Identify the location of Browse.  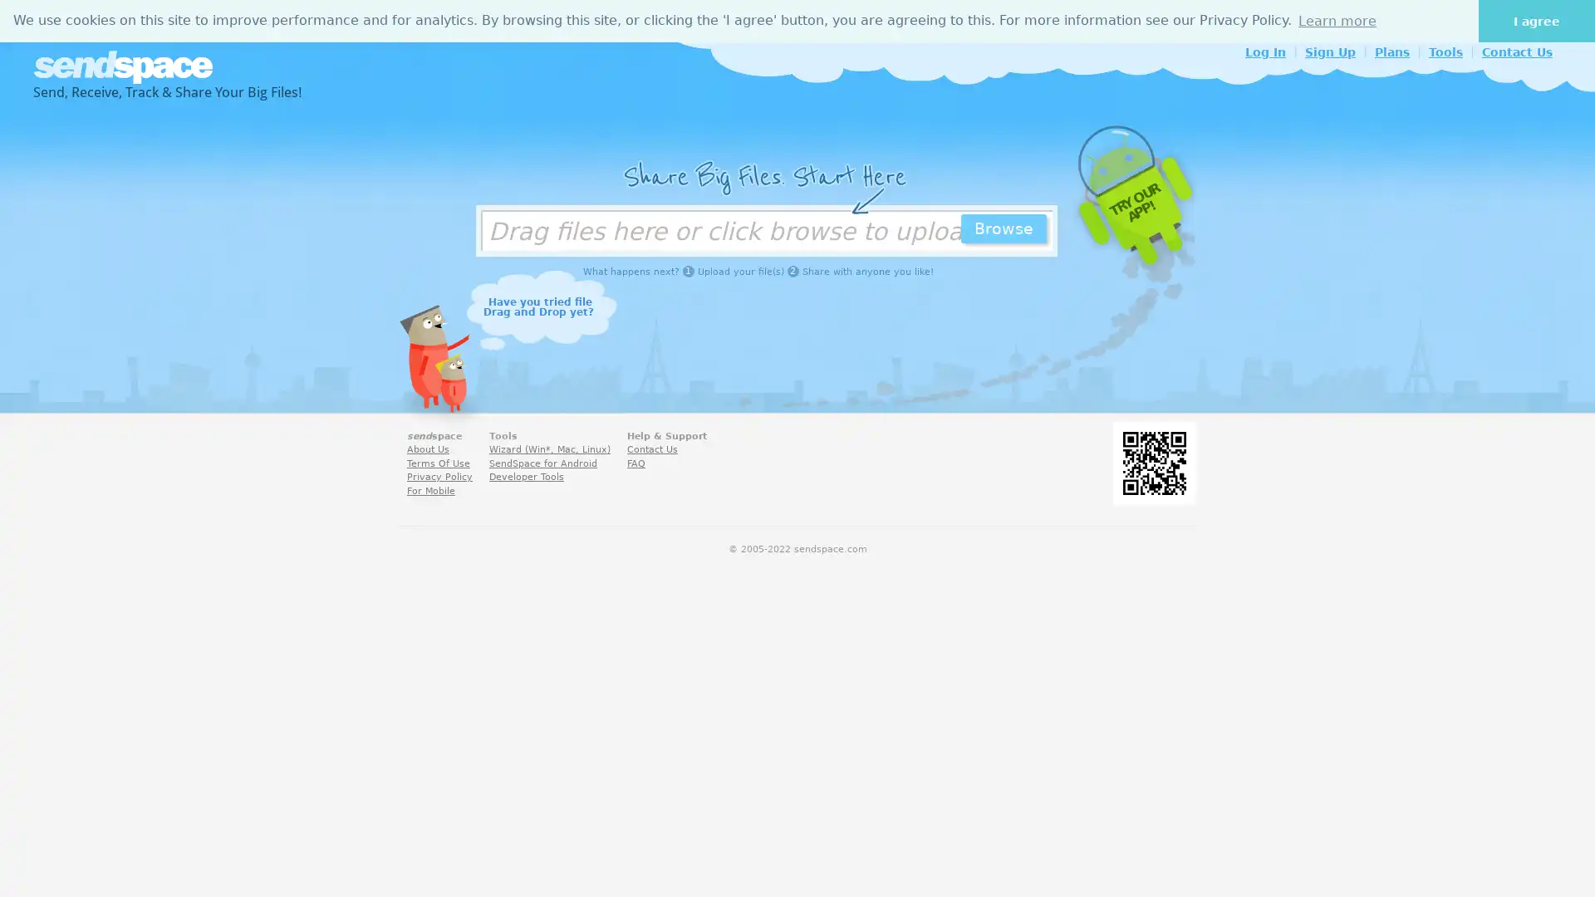
(1002, 228).